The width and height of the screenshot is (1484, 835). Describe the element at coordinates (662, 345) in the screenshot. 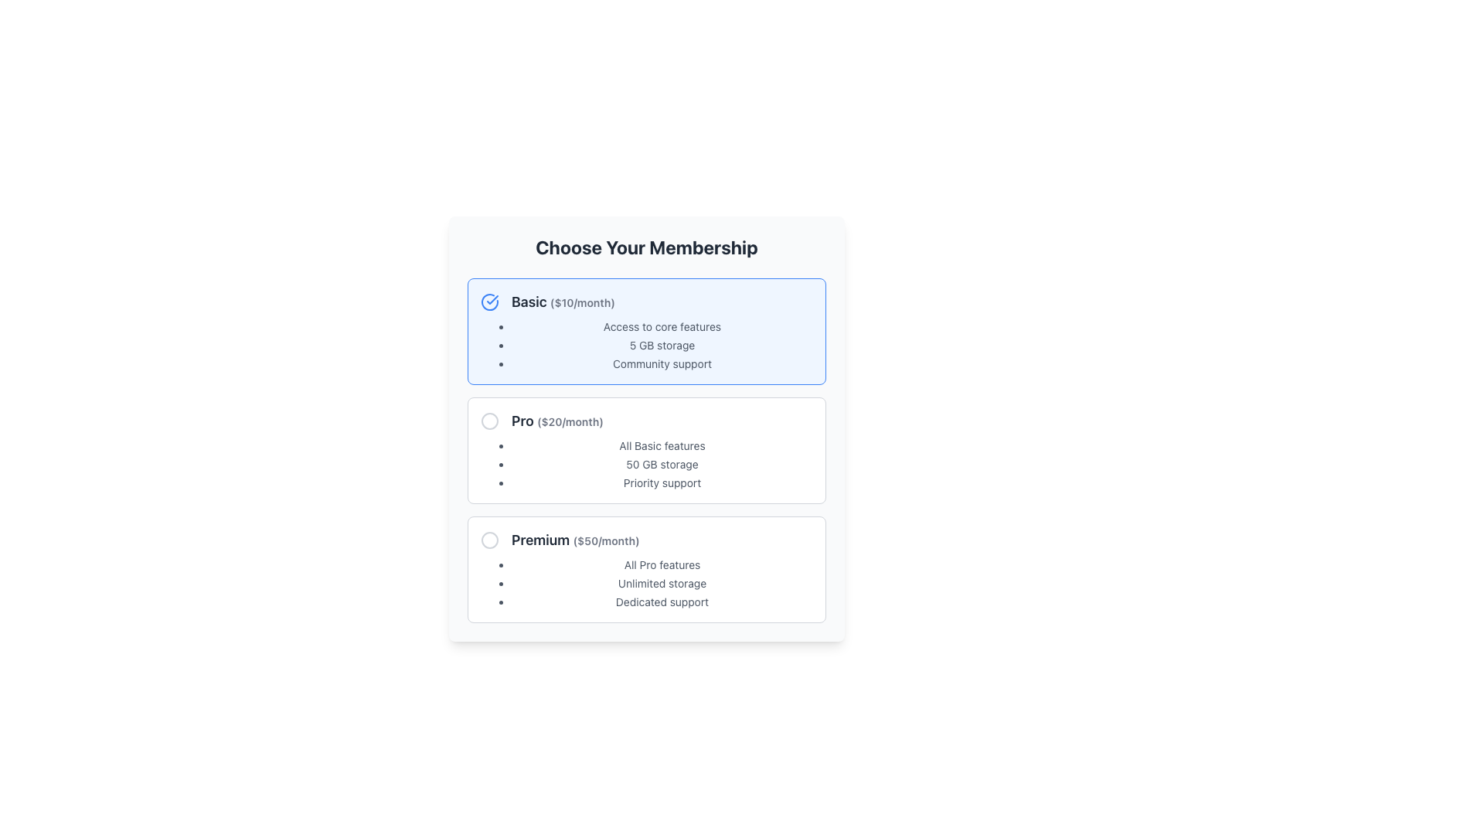

I see `text label containing '5 GB storage', which is styled in a small, gray font and positioned between 'Access to core features' and 'Community support' in the 'Basic ($10/month)' subscription card` at that location.